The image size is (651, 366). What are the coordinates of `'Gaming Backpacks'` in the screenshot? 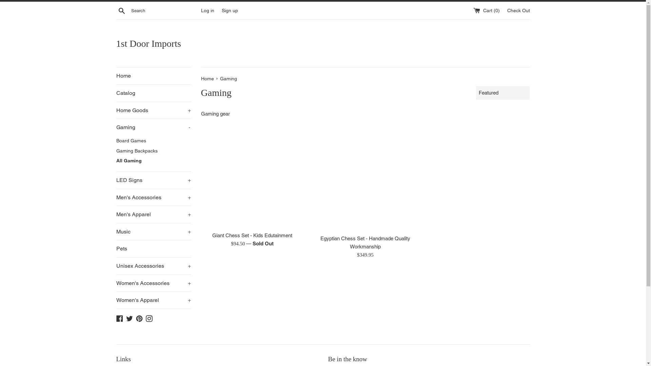 It's located at (153, 151).